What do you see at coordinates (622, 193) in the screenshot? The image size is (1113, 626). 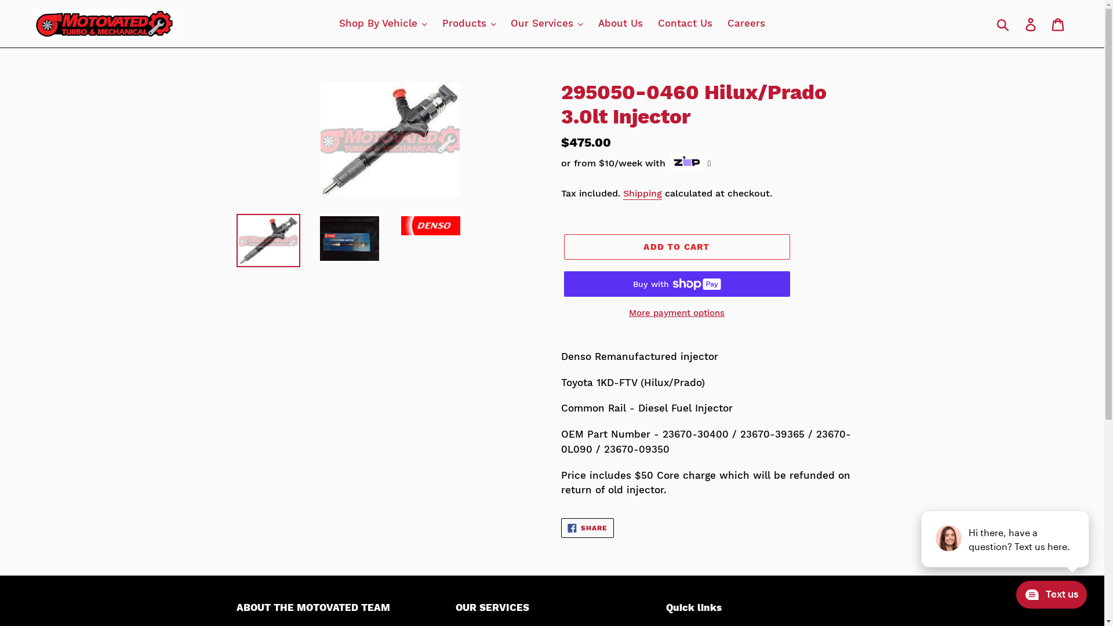 I see `'Shipping'` at bounding box center [622, 193].